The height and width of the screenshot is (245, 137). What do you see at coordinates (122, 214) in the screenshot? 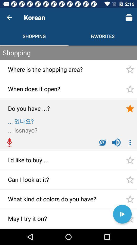
I see `the av_forward icon` at bounding box center [122, 214].